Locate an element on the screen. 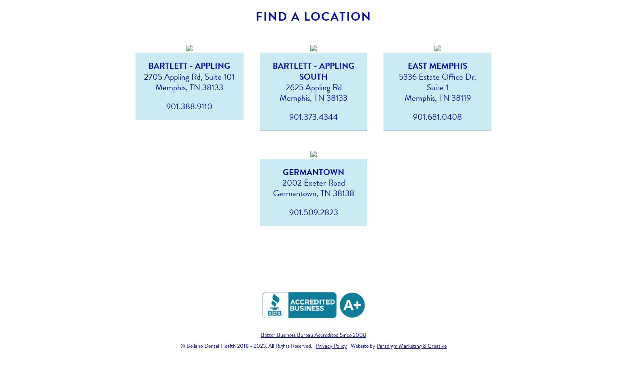  '5336 Estate Office Dr, Suite 1' is located at coordinates (437, 81).